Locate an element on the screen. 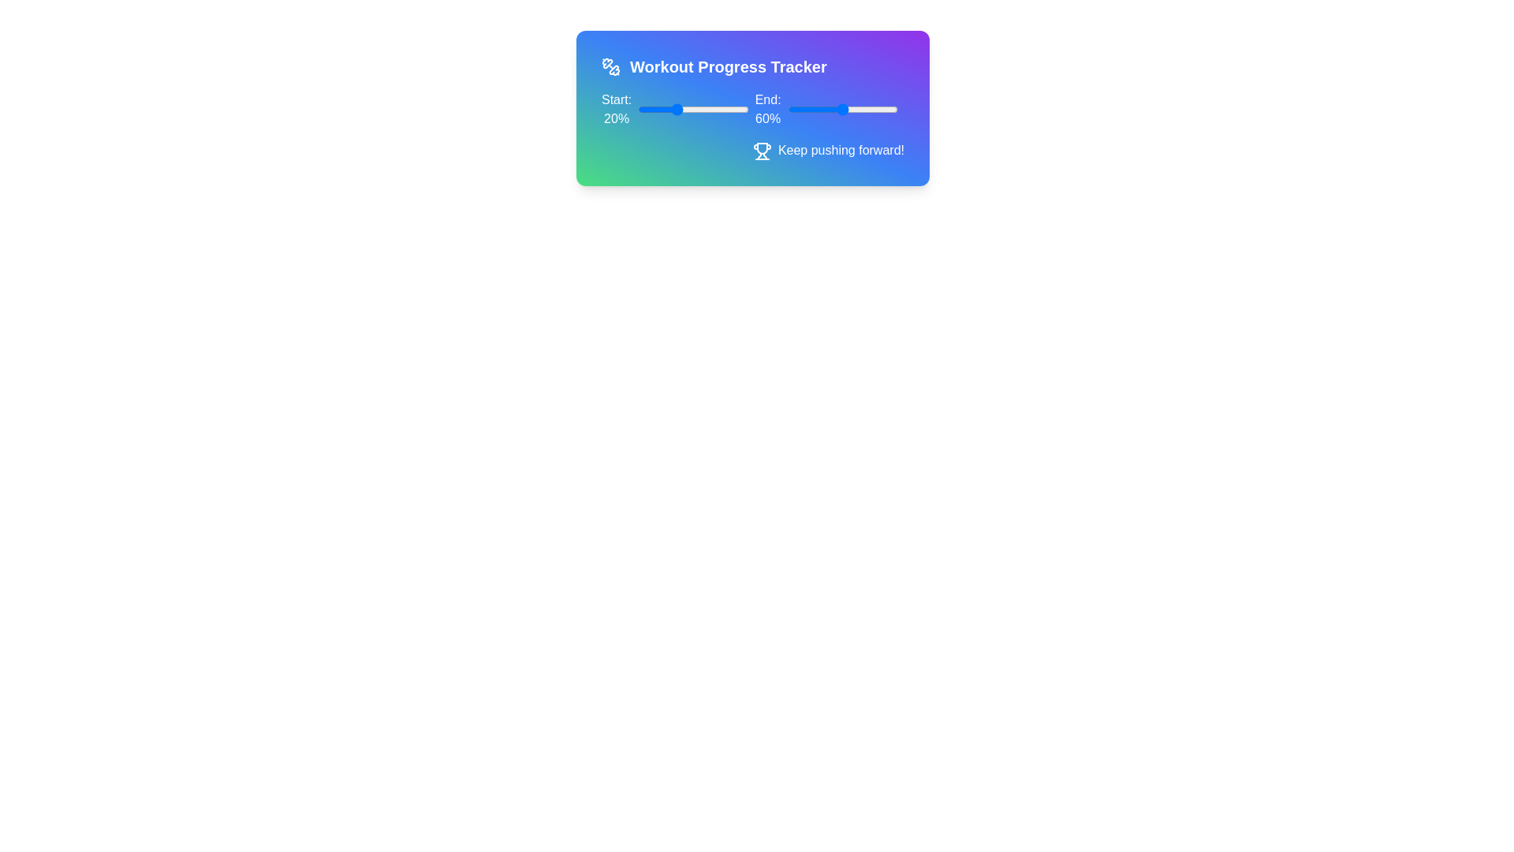 The height and width of the screenshot is (852, 1514). the text label that indicates the workout progress tracking feature is located at coordinates (727, 65).